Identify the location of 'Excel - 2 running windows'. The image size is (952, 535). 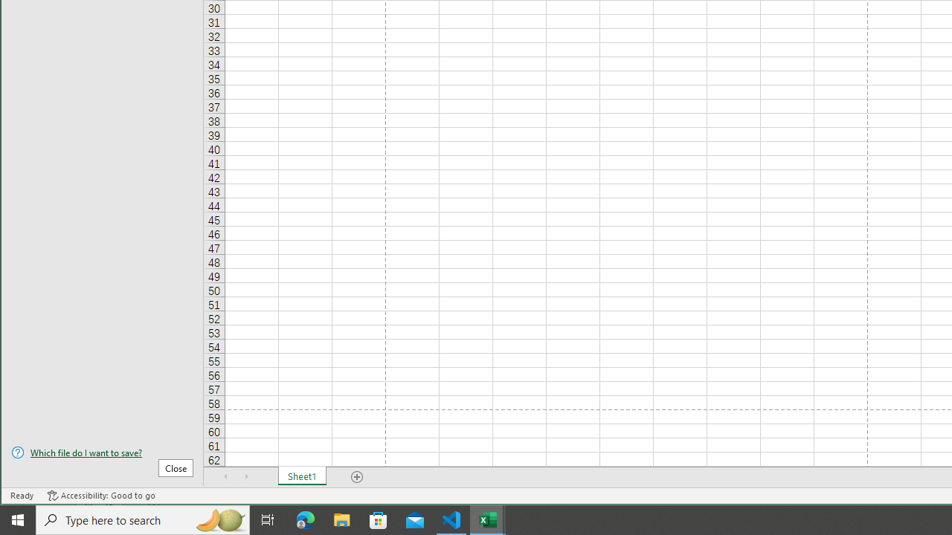
(488, 519).